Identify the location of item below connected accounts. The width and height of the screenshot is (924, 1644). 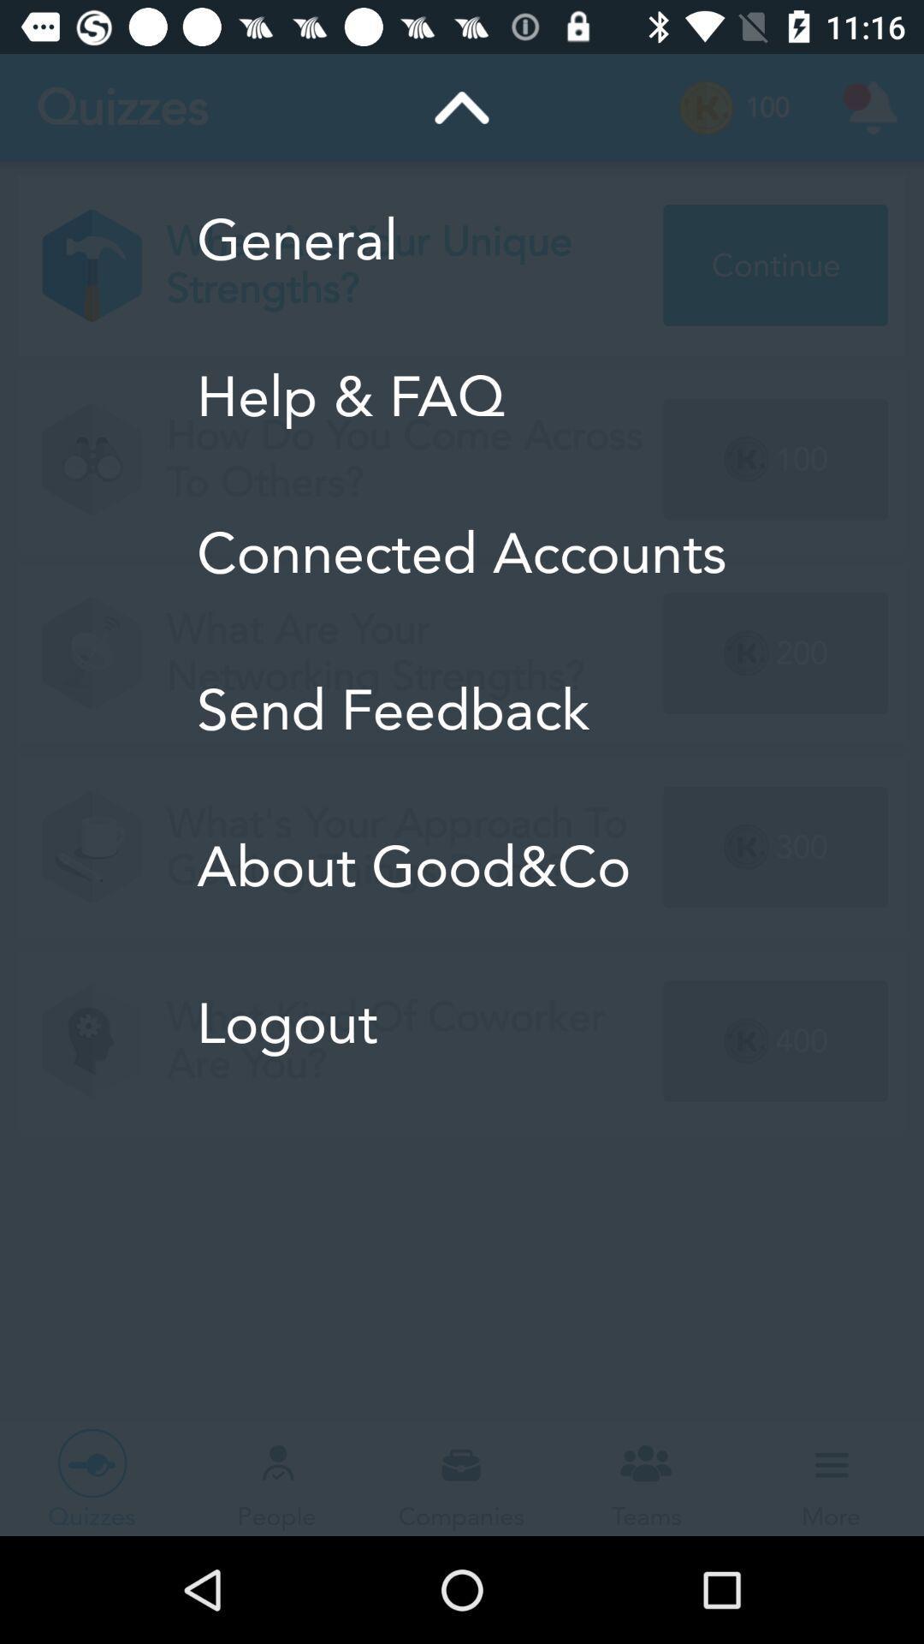
(460, 710).